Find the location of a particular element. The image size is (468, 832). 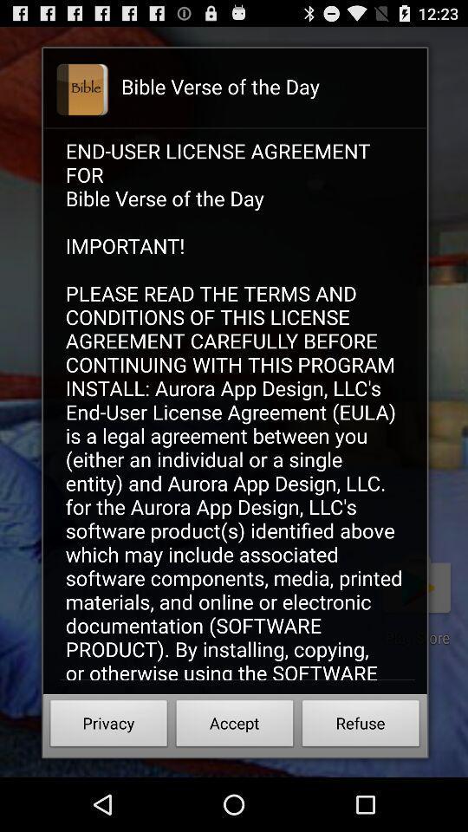

icon next to the privacy button is located at coordinates (234, 725).